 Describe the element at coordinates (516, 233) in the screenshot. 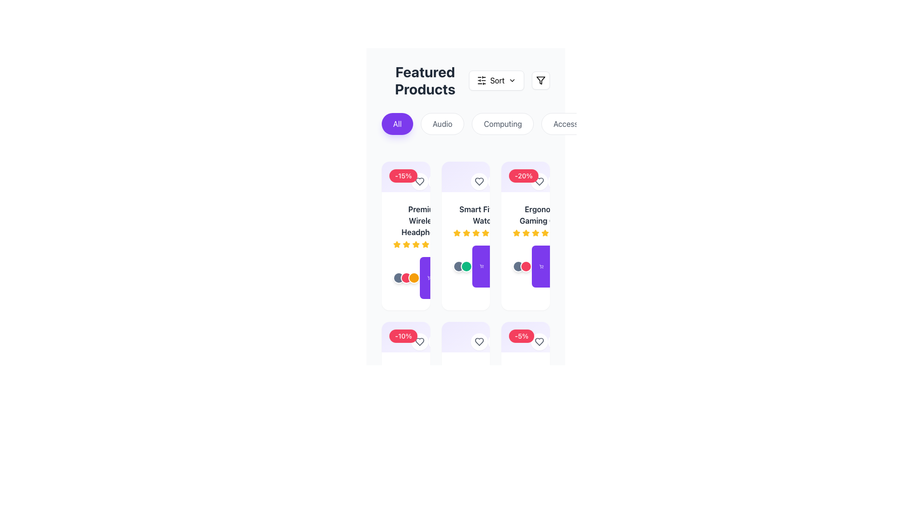

I see `the second yellow star in the 5-star rating system beneath the product name and above the product description` at that location.